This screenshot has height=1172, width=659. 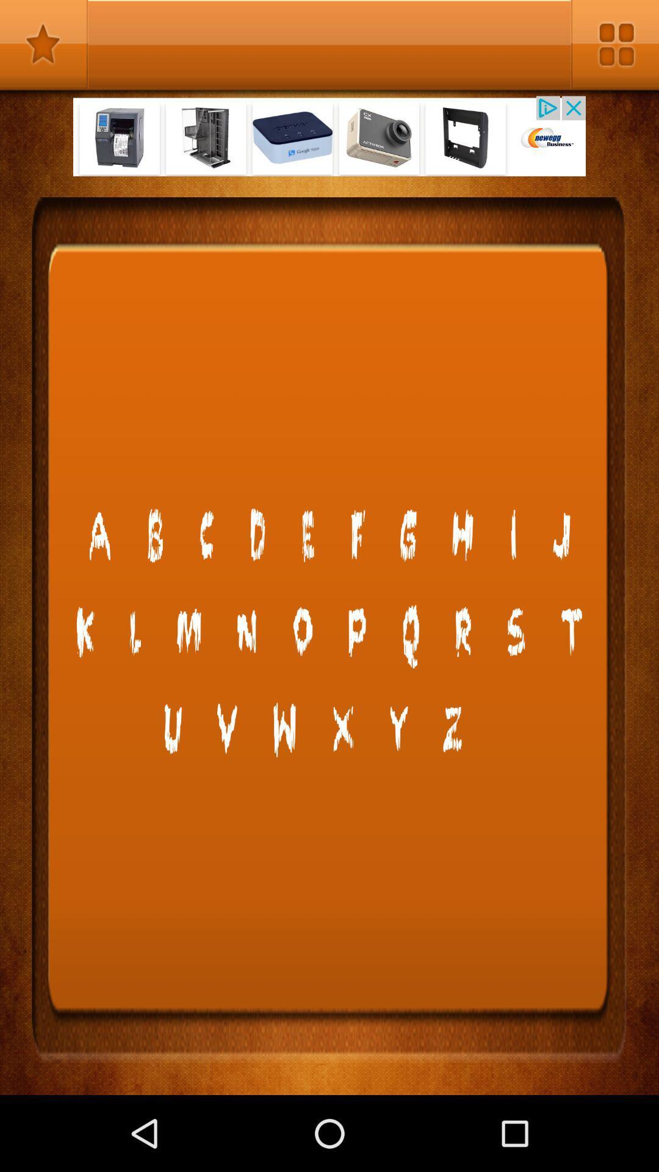 What do you see at coordinates (329, 136) in the screenshot?
I see `open advertisement` at bounding box center [329, 136].